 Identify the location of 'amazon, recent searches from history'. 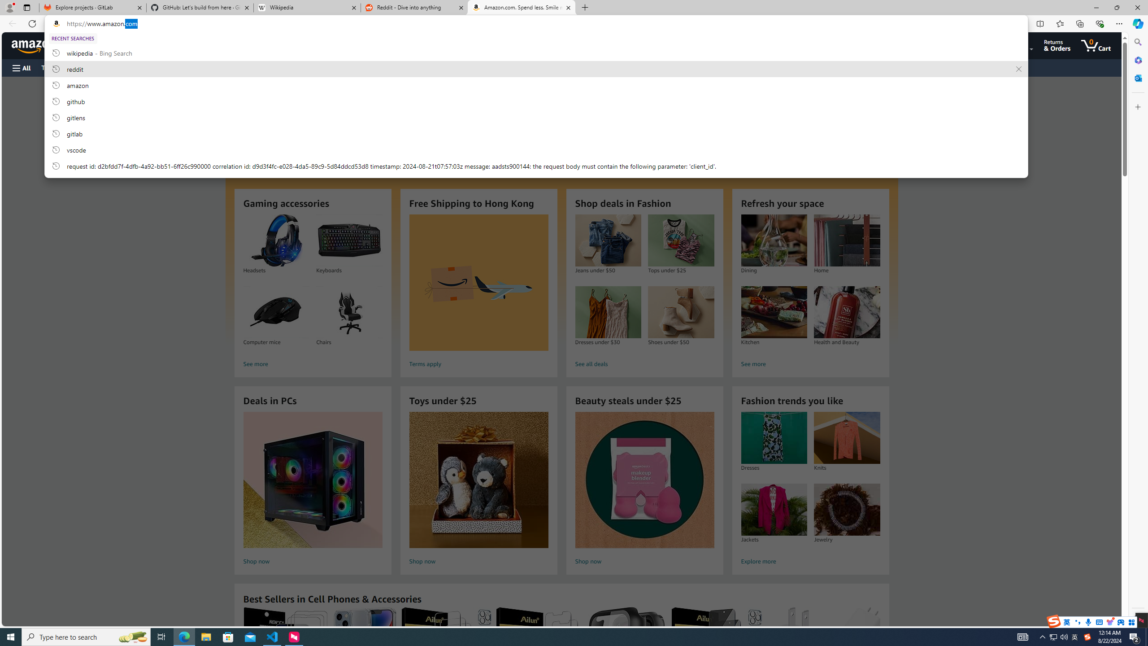
(535, 84).